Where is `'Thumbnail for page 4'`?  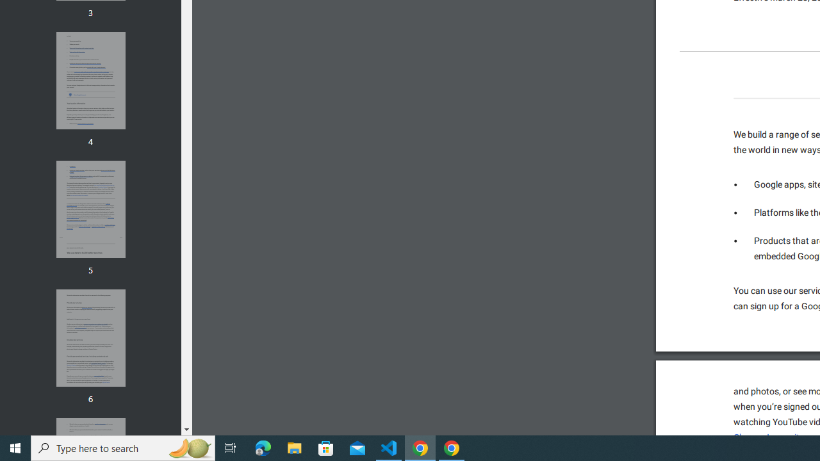
'Thumbnail for page 4' is located at coordinates (90, 81).